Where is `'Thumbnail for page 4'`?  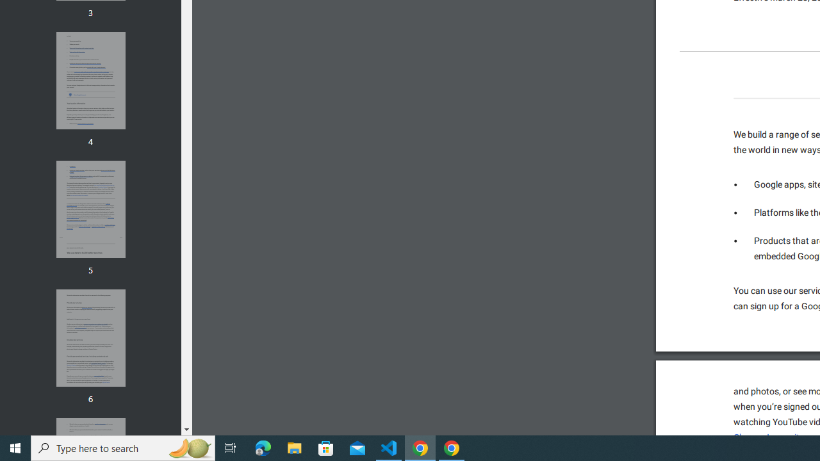
'Thumbnail for page 4' is located at coordinates (90, 81).